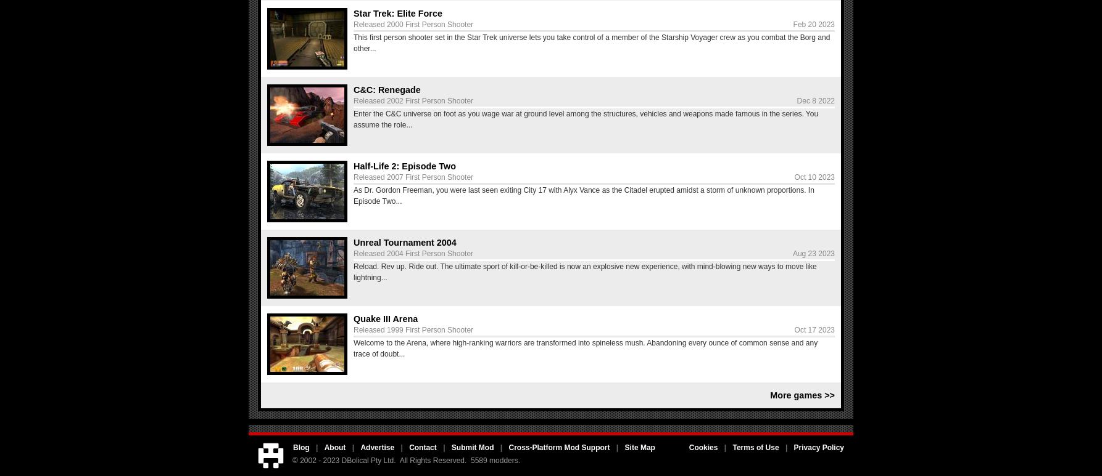 Image resolution: width=1102 pixels, height=476 pixels. Describe the element at coordinates (814, 177) in the screenshot. I see `'Oct 10 2023'` at that location.